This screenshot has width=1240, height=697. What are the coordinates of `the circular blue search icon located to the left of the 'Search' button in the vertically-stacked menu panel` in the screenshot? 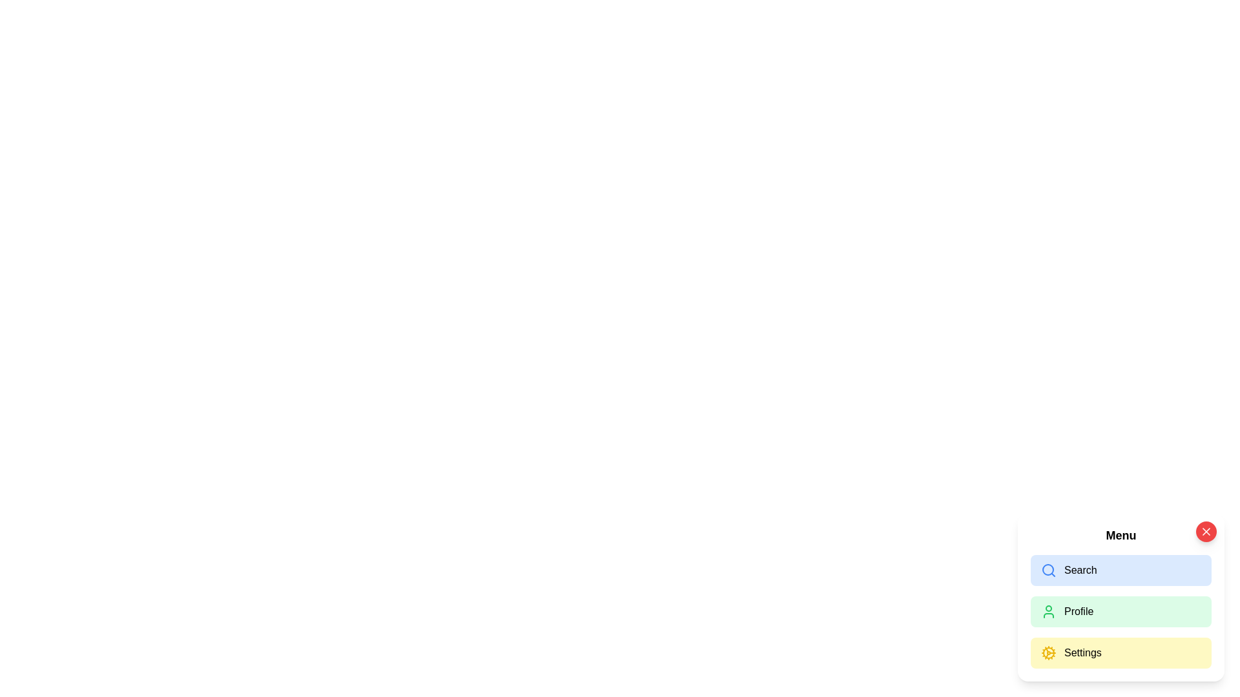 It's located at (1048, 569).